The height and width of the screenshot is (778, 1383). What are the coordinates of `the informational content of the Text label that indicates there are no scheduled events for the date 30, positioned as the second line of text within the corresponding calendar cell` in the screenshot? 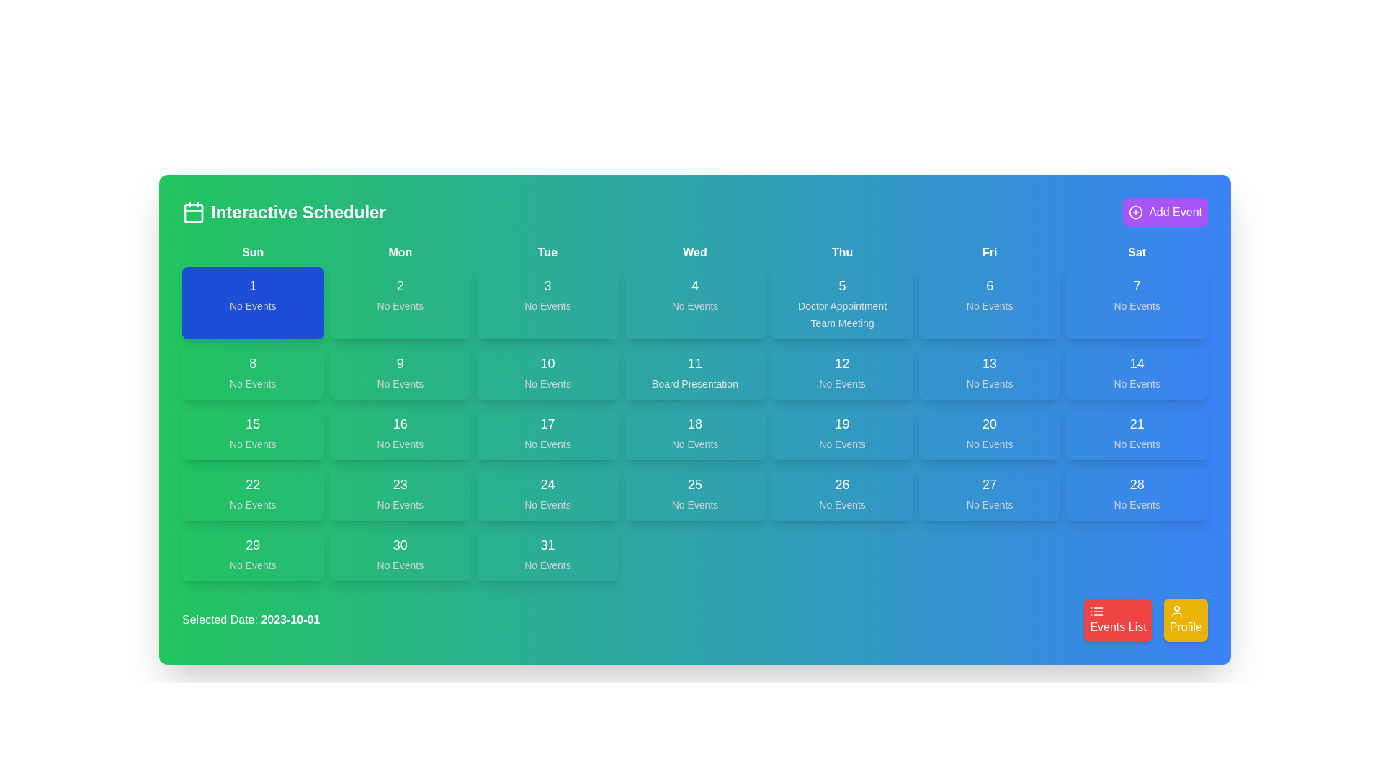 It's located at (400, 565).